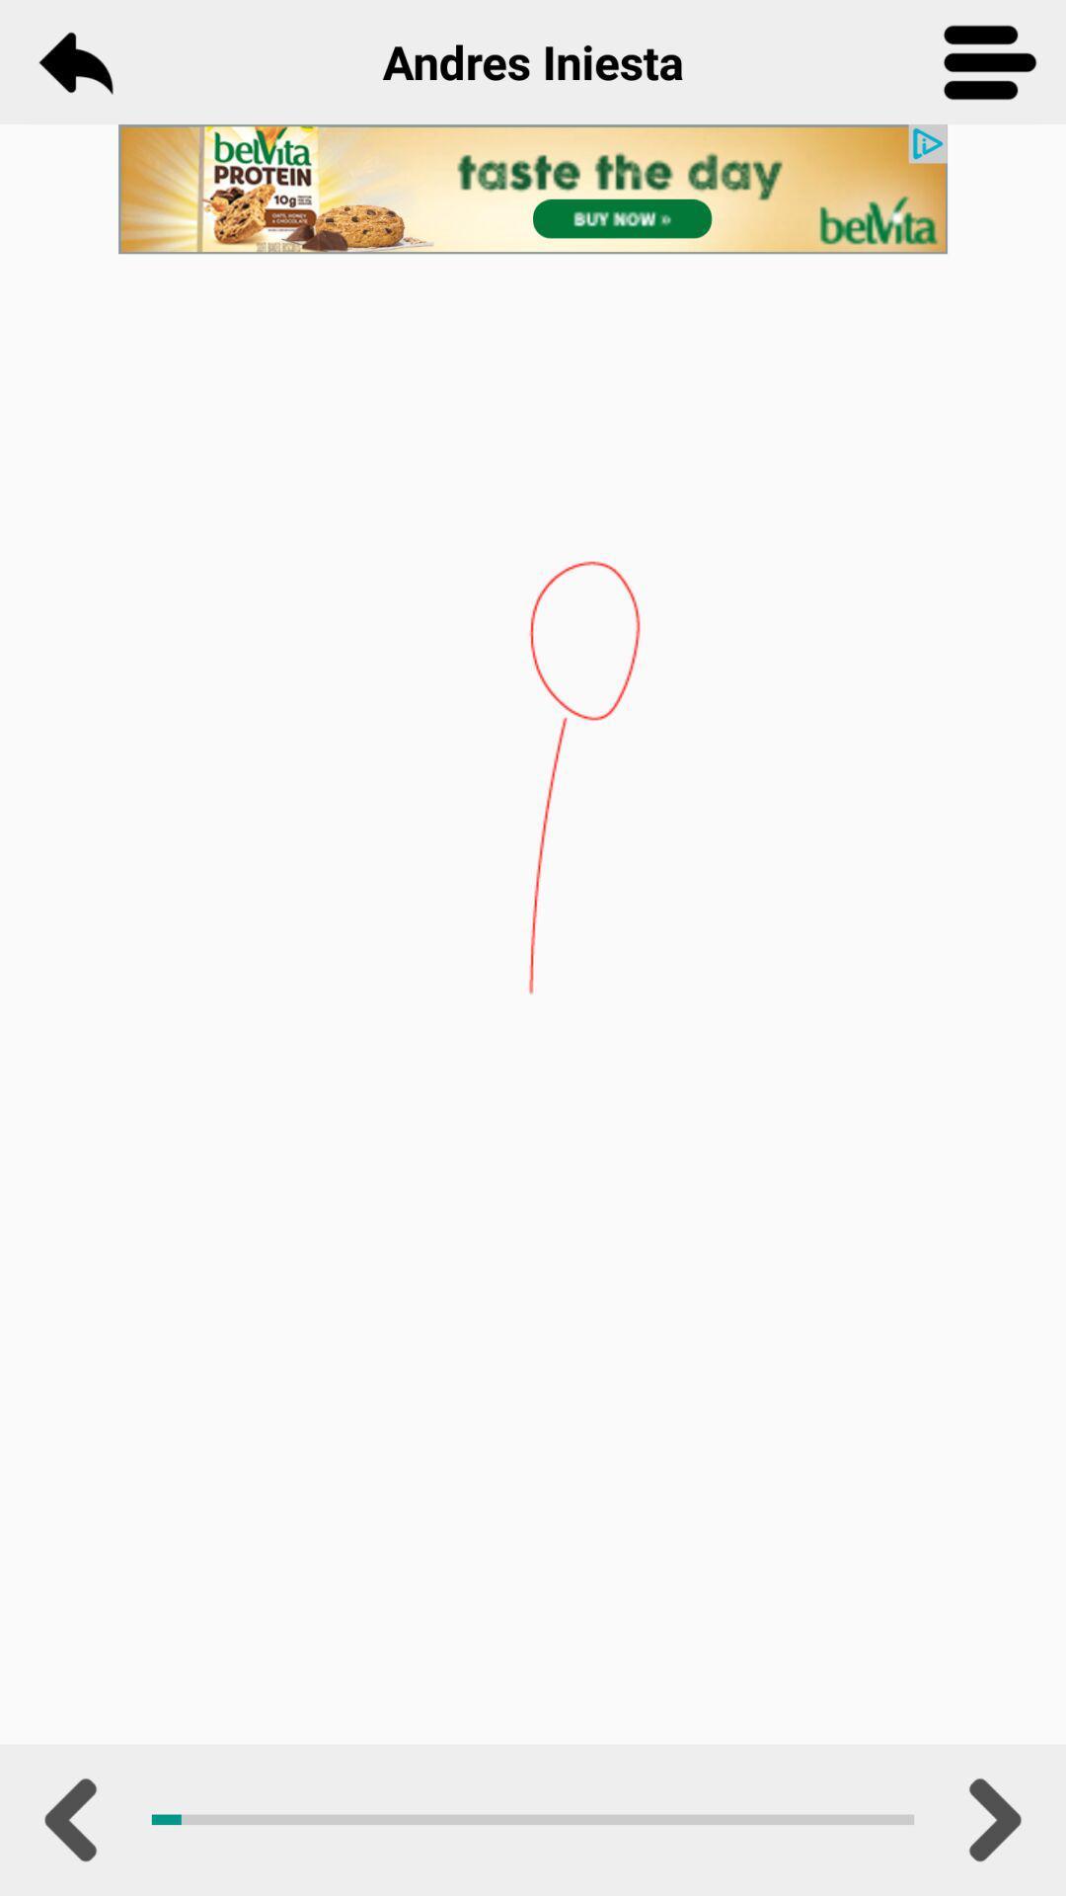 This screenshot has width=1066, height=1896. I want to click on advertisement, so click(533, 189).